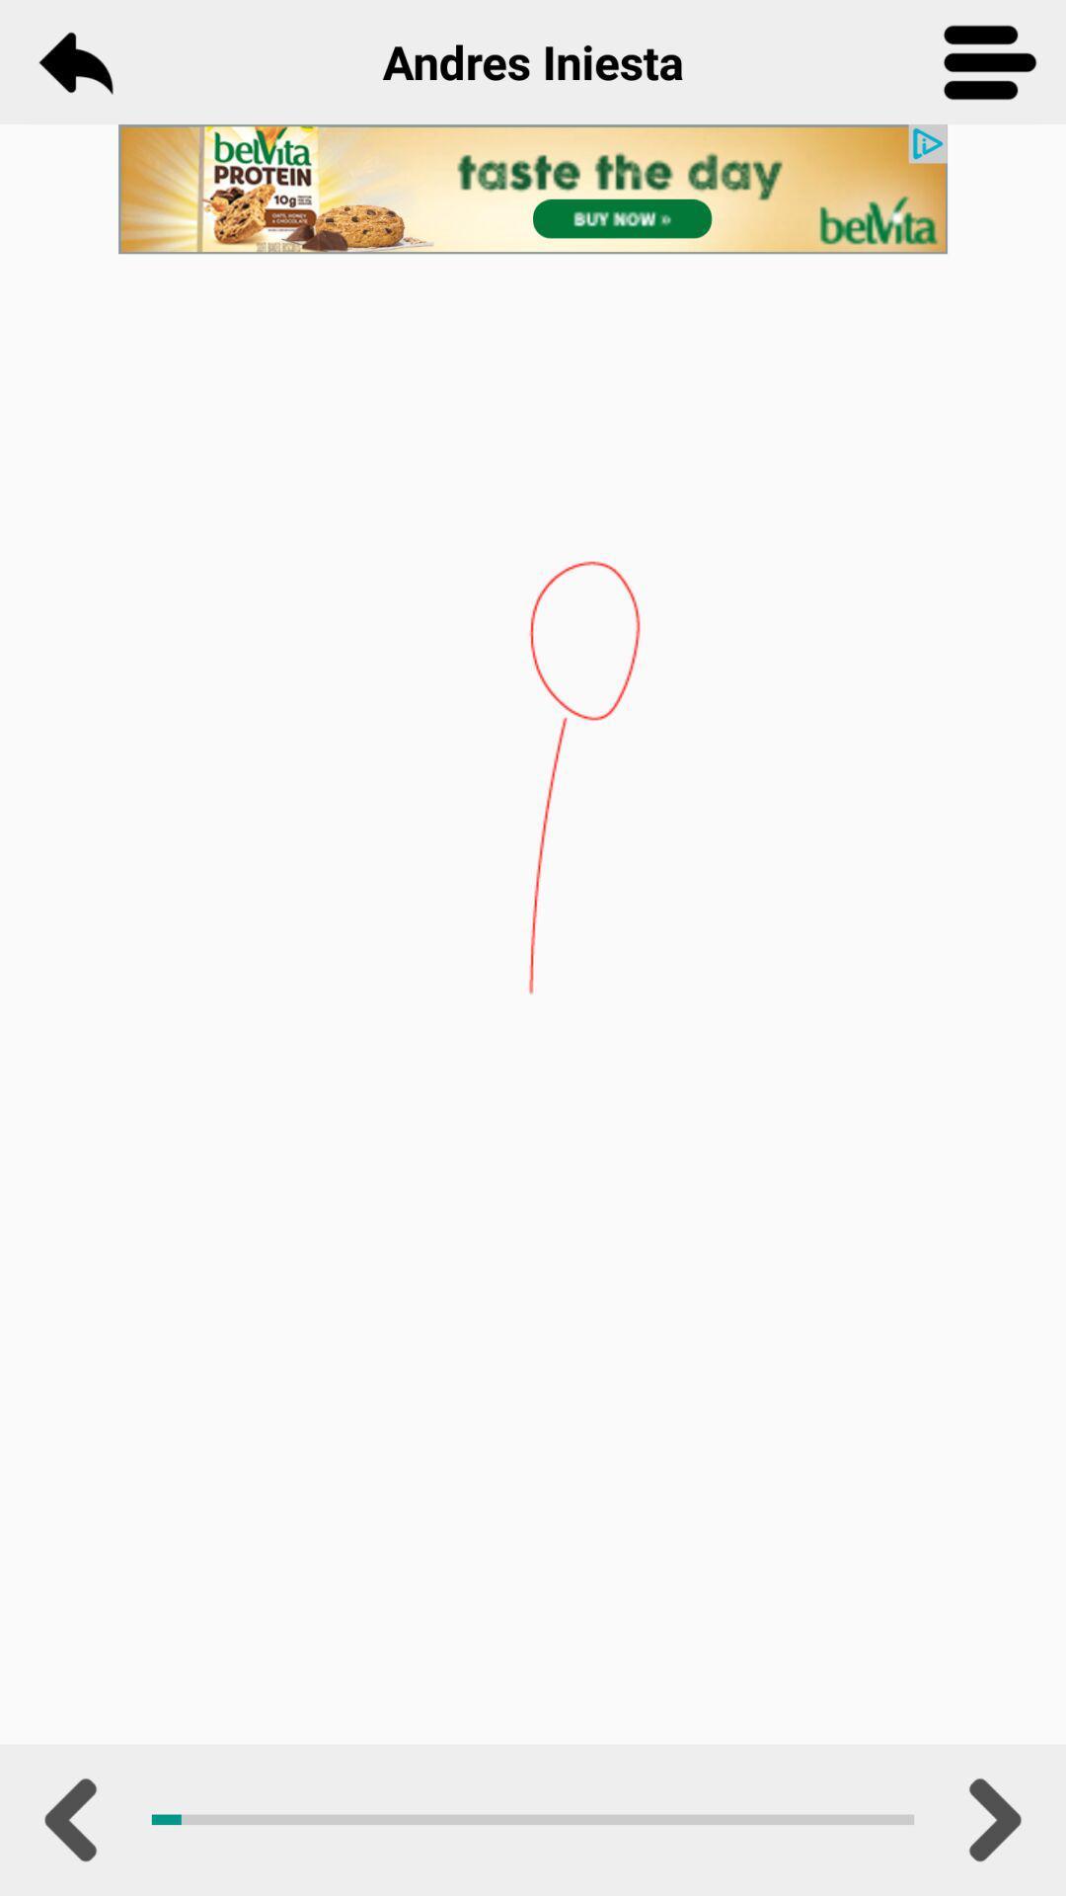 This screenshot has width=1066, height=1896. I want to click on advertisement, so click(533, 189).